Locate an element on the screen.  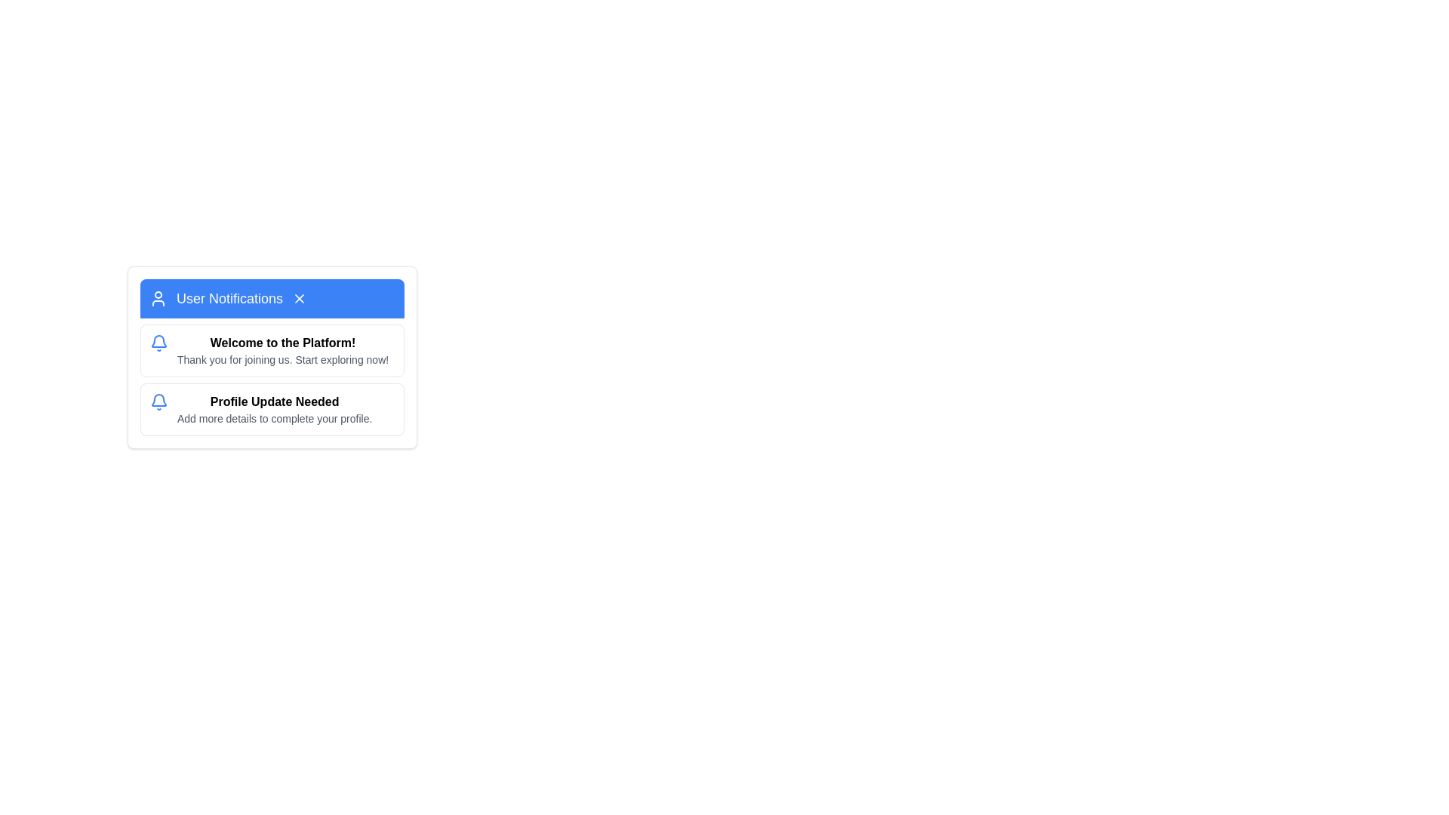
welcome text that serves as a heading for the notification section, positioned above the message 'Thank you for joining us.' is located at coordinates (283, 343).